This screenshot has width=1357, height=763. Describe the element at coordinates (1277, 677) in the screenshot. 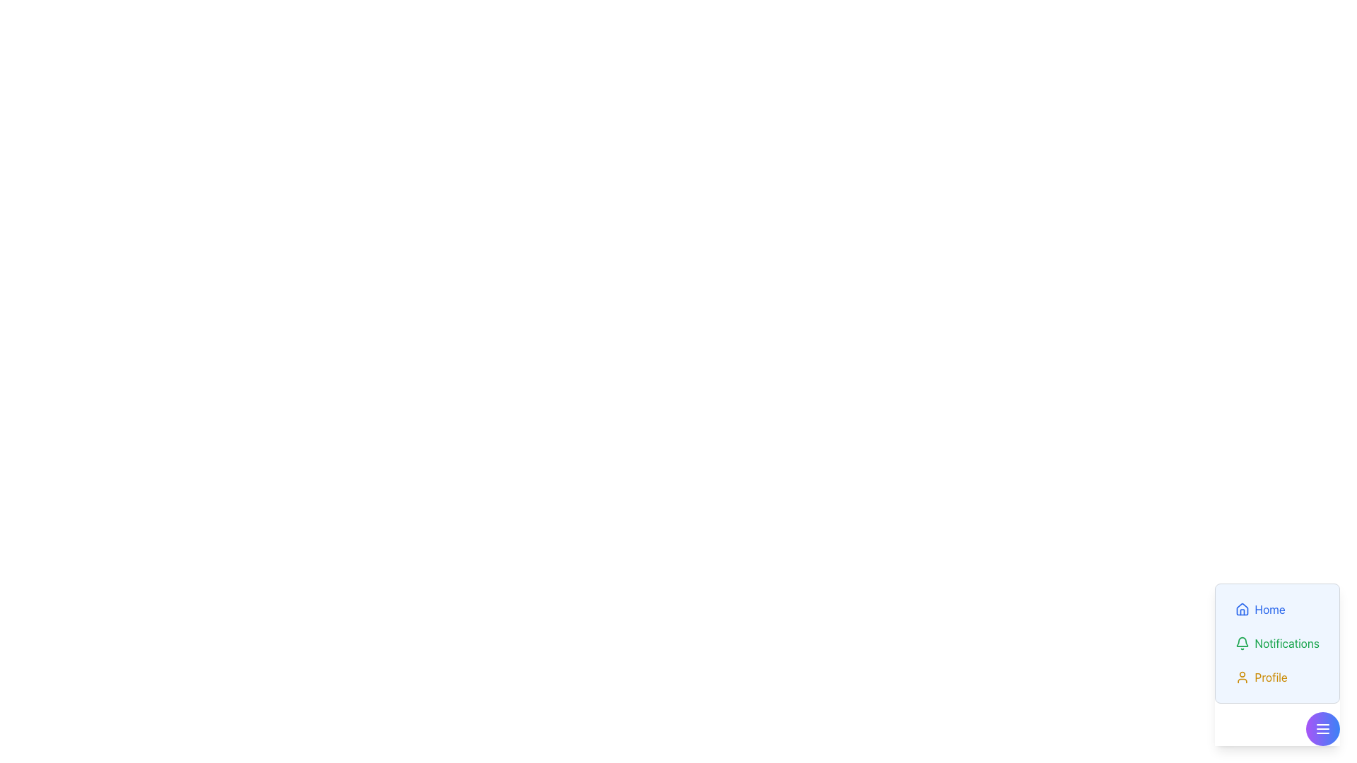

I see `the 'Profile' button, which is the third and bottom-most button in a vertical list of buttons` at that location.